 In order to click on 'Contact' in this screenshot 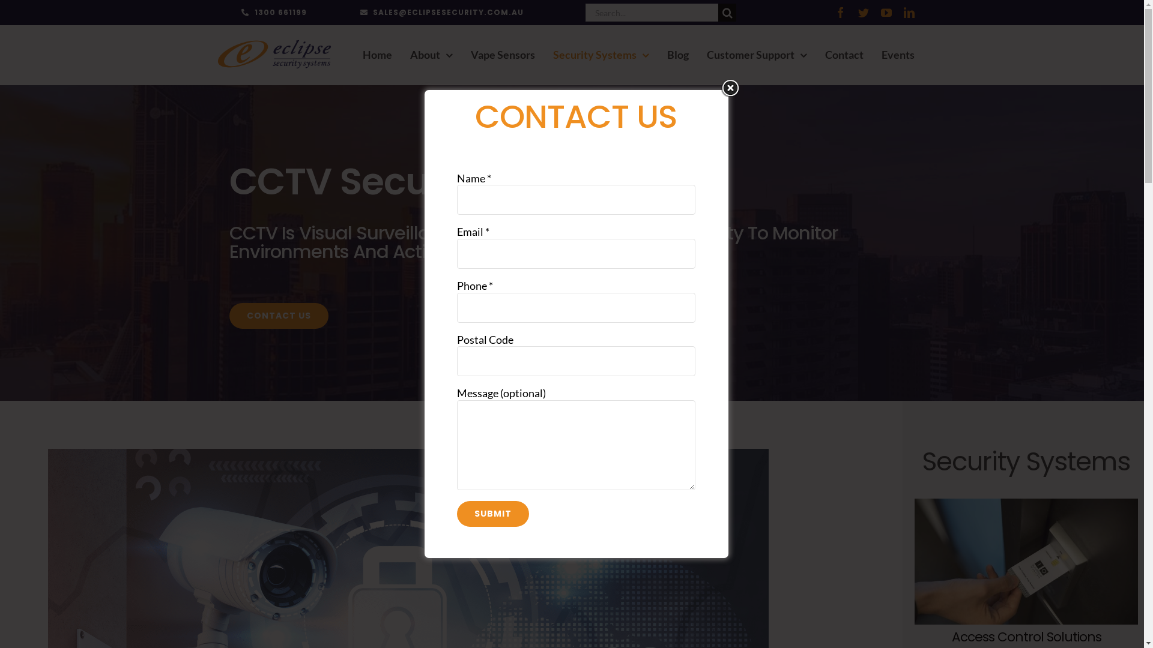, I will do `click(844, 55)`.